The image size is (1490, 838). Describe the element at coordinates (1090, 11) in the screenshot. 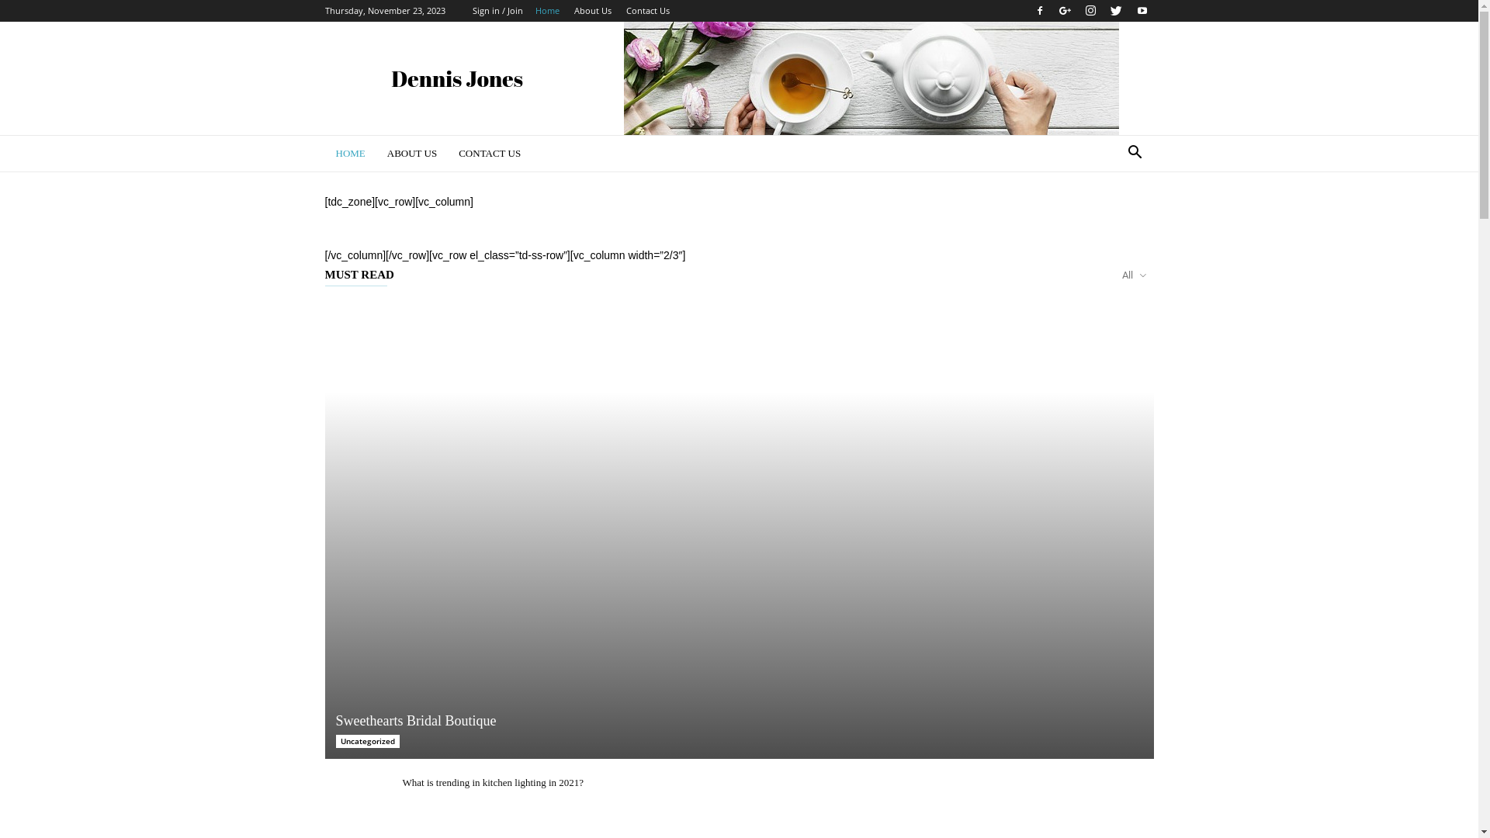

I see `'Instagram'` at that location.